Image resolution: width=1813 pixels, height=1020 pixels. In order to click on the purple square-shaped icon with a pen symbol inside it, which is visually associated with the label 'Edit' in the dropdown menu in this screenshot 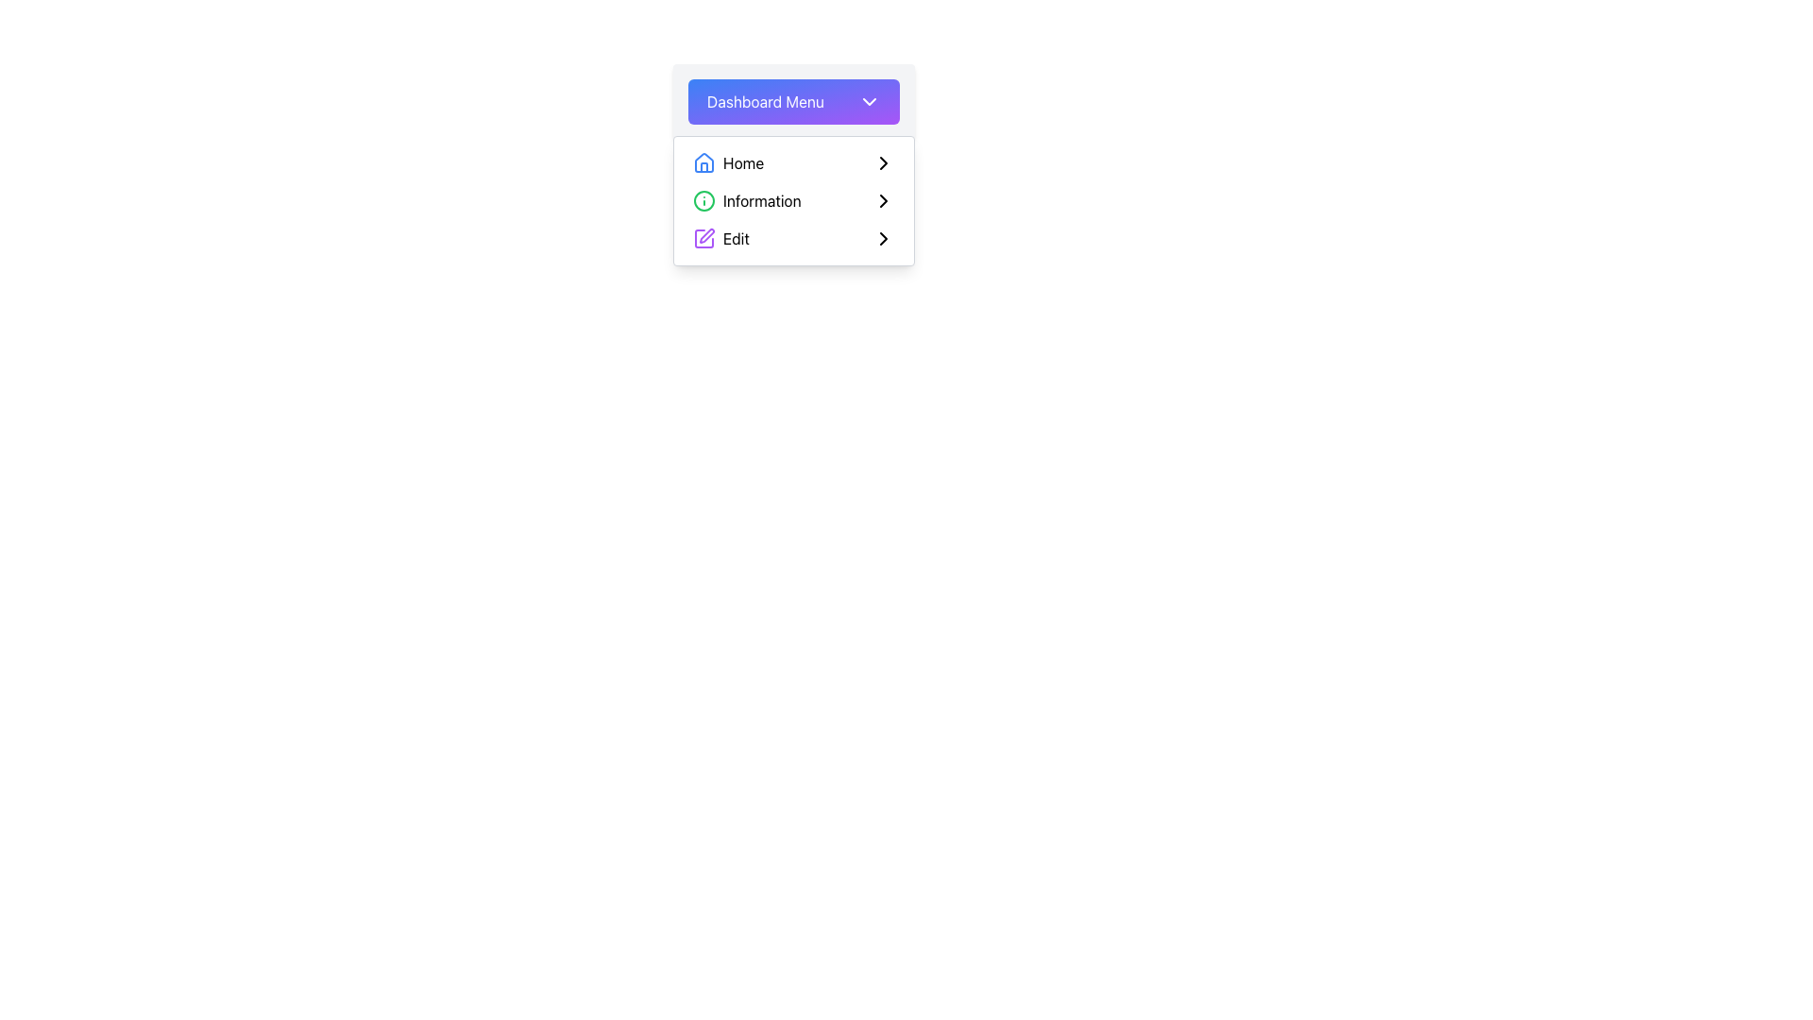, I will do `click(703, 238)`.